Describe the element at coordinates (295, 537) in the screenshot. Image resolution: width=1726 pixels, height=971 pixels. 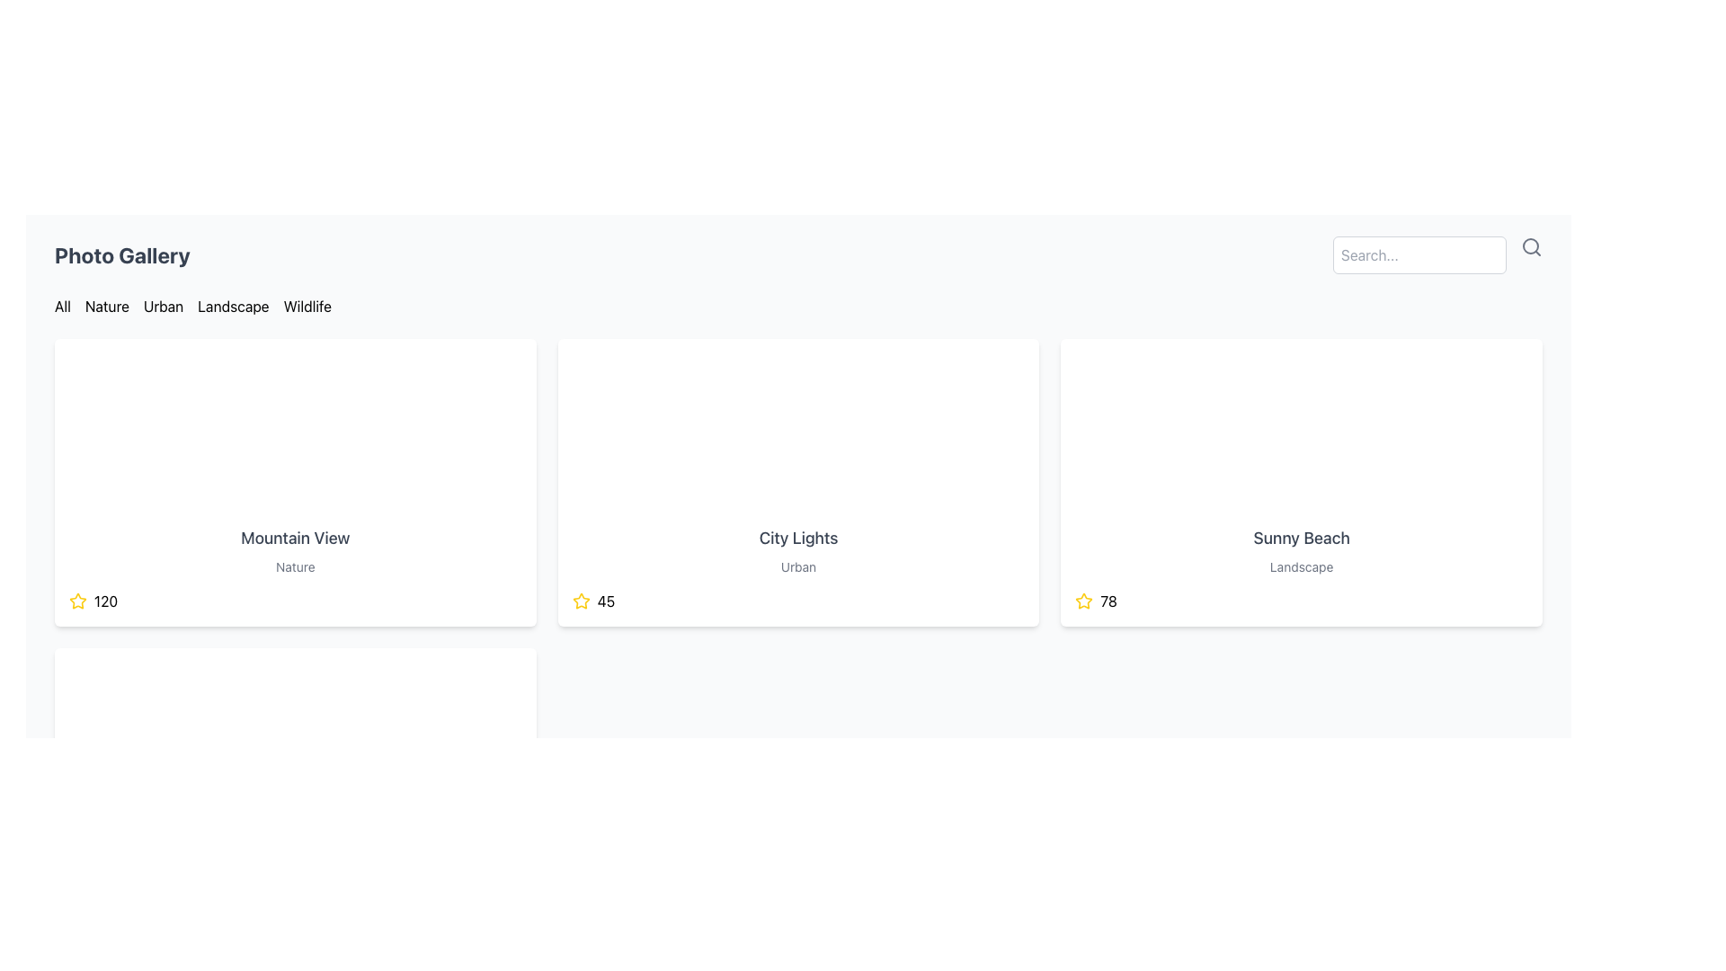
I see `text from the 'Mountain View' label, which is a bold gray title located above the 'Nature' text within the first card of a three-card row` at that location.